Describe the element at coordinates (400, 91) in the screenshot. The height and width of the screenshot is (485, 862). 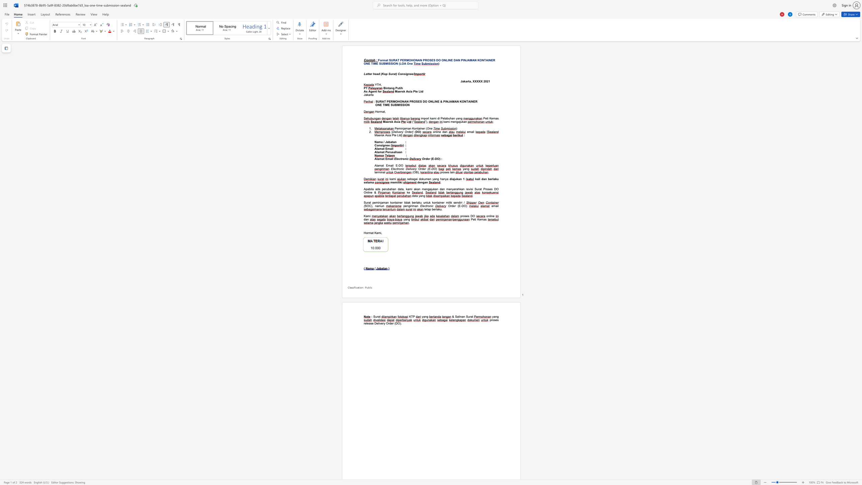
I see `the space between the continuous character "e" and "r" in the text` at that location.